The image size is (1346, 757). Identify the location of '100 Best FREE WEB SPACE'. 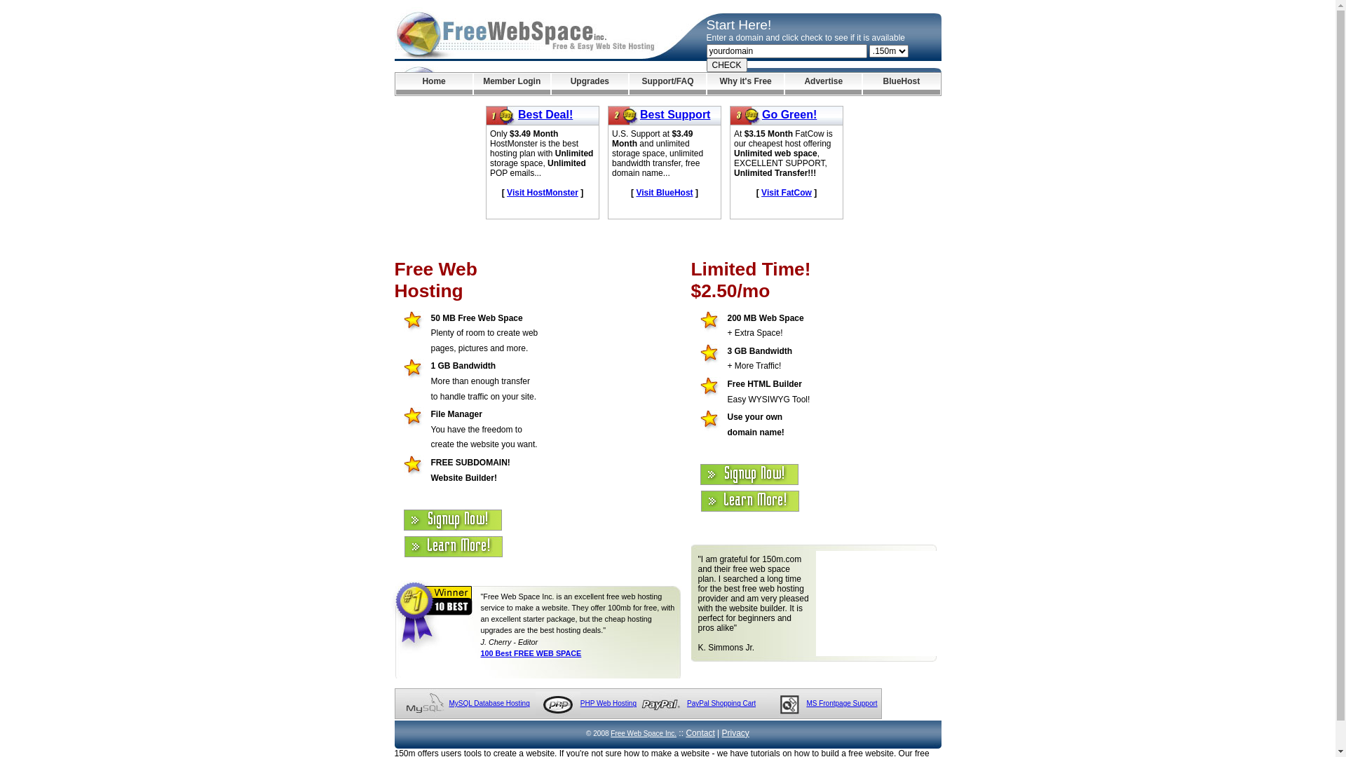
(531, 653).